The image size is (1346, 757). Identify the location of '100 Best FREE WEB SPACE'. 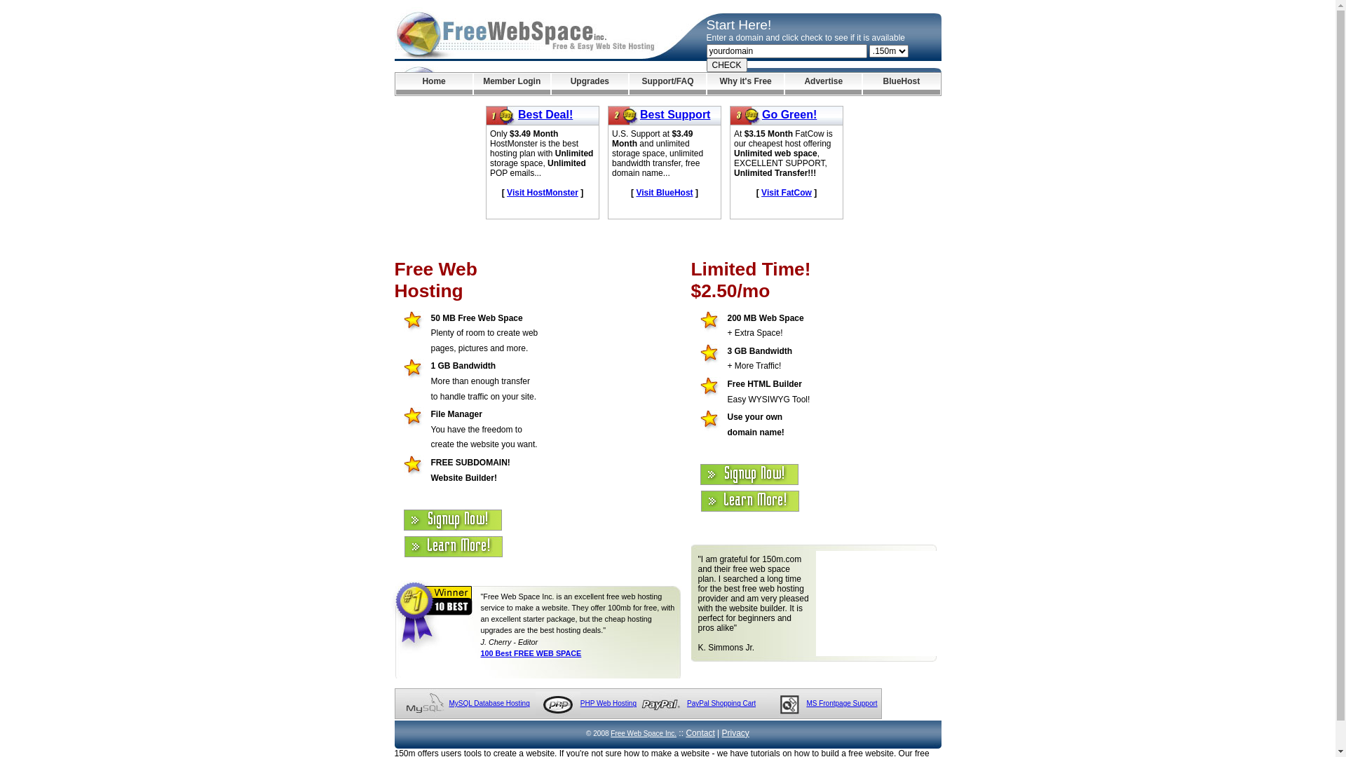
(531, 653).